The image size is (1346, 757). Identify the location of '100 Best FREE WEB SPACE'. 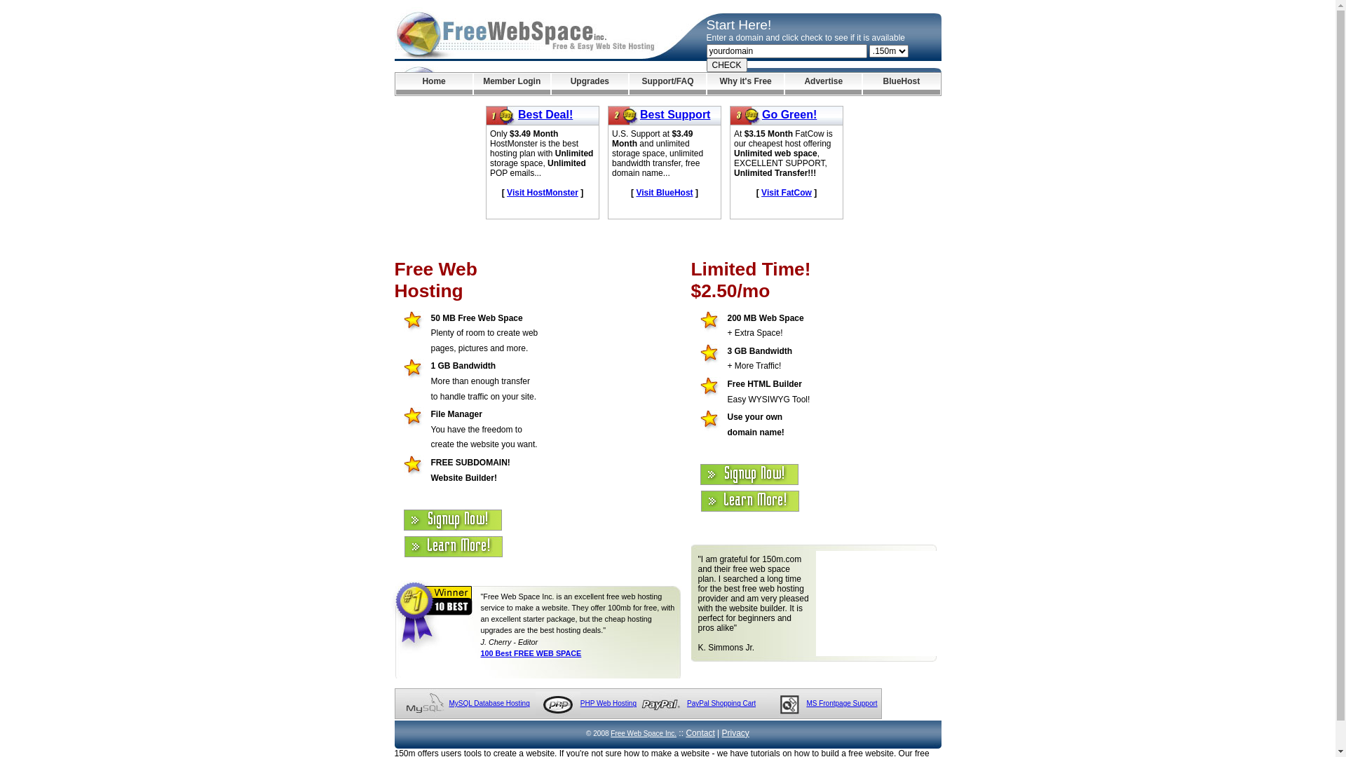
(531, 653).